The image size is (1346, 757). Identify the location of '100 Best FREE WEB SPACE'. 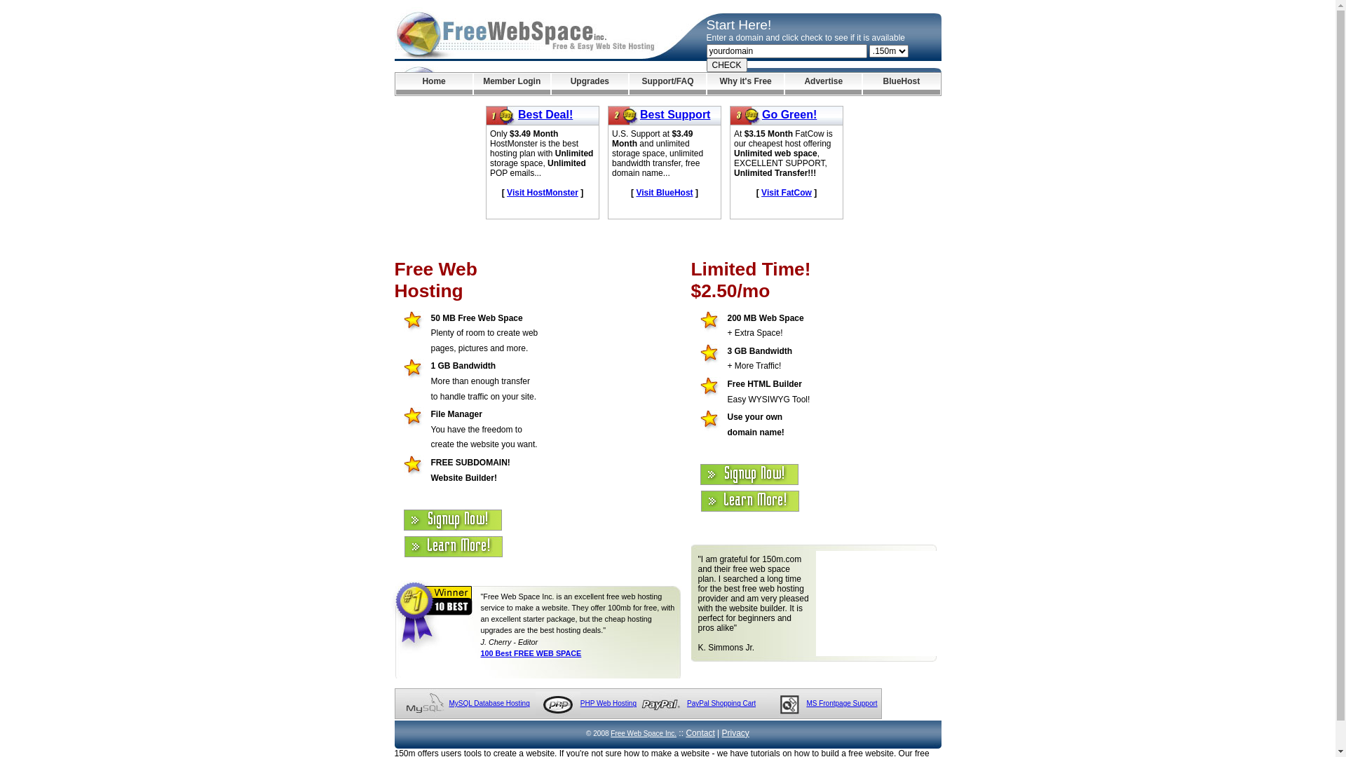
(531, 653).